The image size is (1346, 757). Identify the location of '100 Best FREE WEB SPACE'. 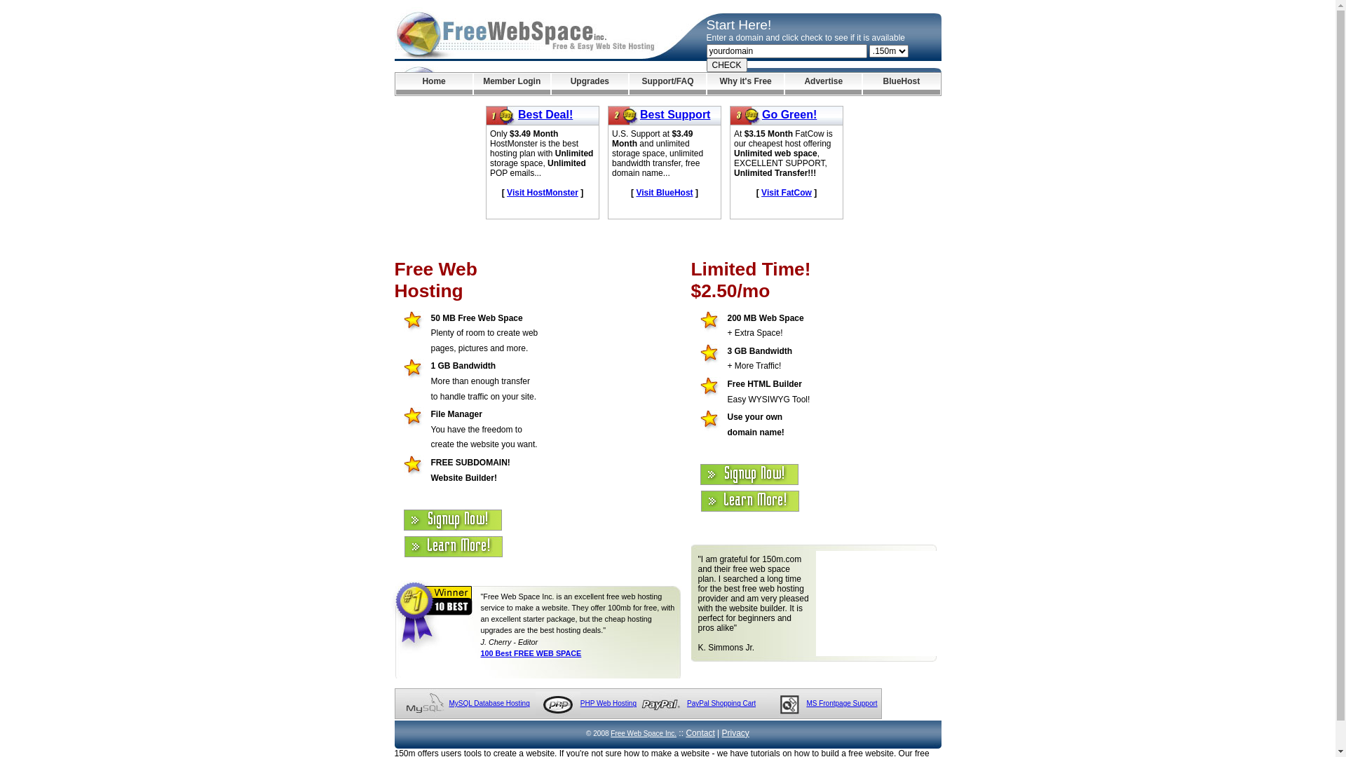
(531, 653).